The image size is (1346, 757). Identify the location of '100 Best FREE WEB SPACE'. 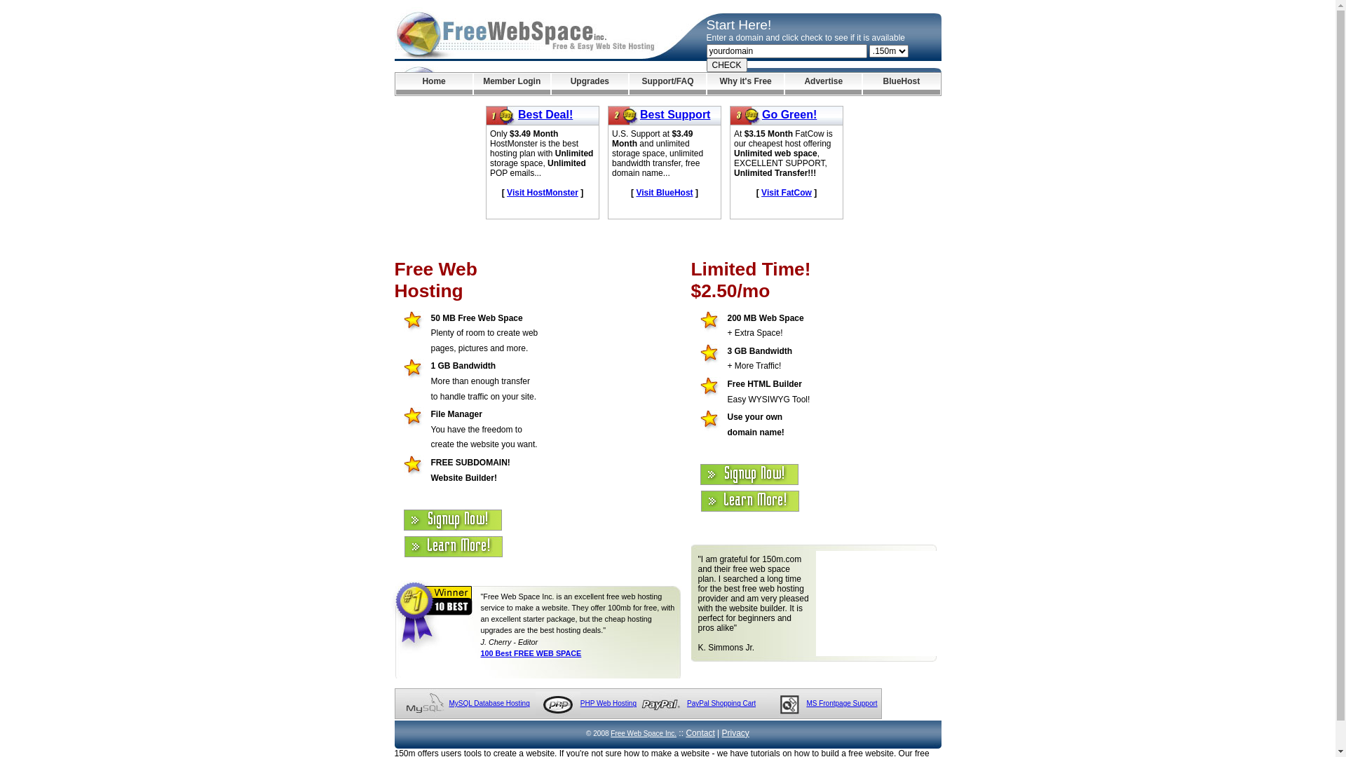
(531, 653).